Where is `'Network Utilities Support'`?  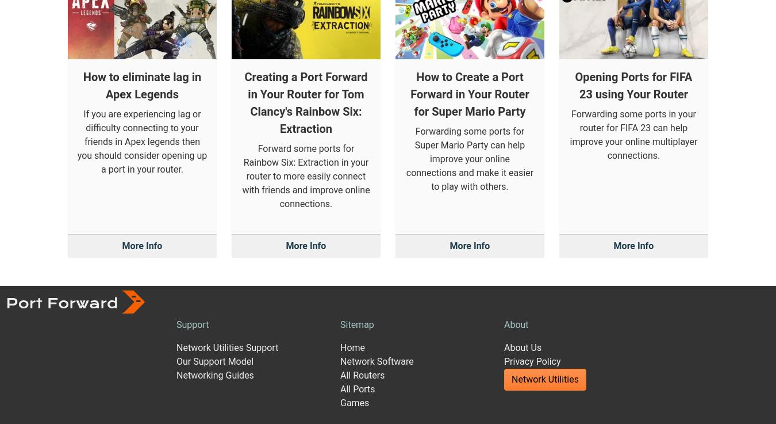 'Network Utilities Support' is located at coordinates (227, 236).